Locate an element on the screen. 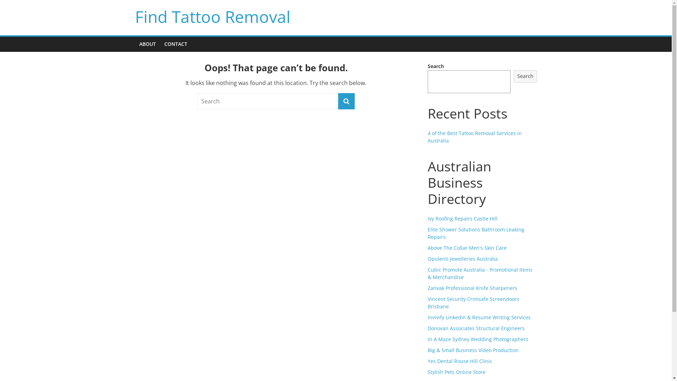 The width and height of the screenshot is (677, 381). 'Big & Small Business Video Production' is located at coordinates (472, 350).